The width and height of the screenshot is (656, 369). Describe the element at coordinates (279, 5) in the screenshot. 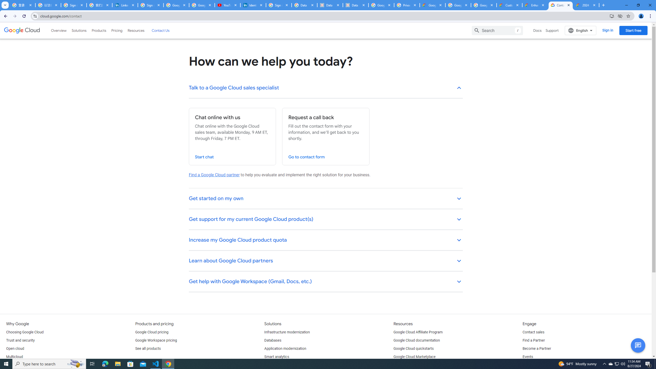

I see `'Sign in - Google Accounts'` at that location.